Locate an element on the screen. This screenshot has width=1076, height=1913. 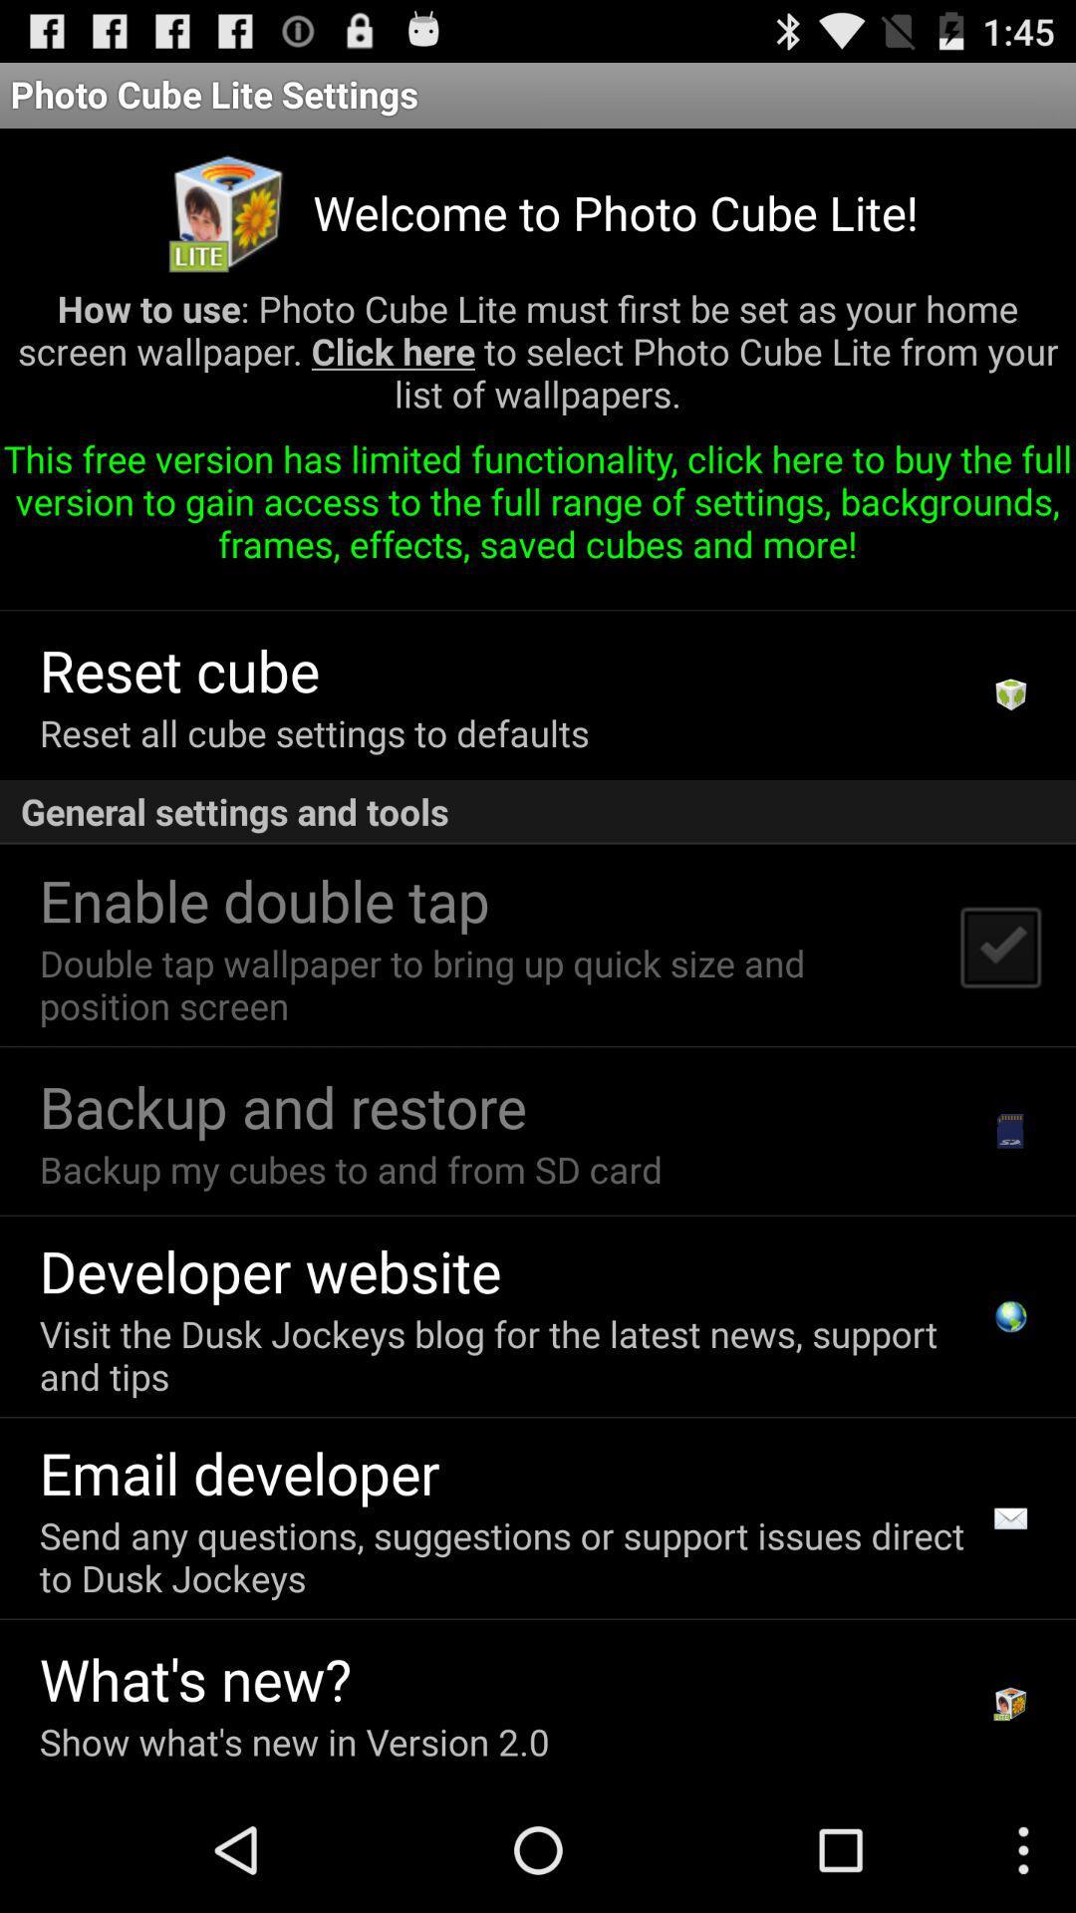
the app to the right of double tap wallpaper is located at coordinates (999, 945).